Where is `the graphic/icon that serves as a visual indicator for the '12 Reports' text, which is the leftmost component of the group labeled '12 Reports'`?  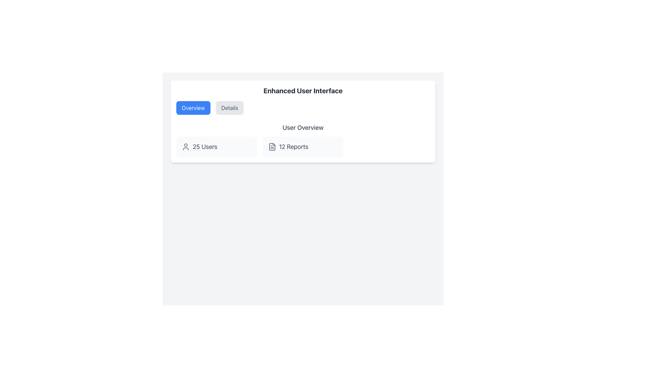 the graphic/icon that serves as a visual indicator for the '12 Reports' text, which is the leftmost component of the group labeled '12 Reports' is located at coordinates (272, 146).